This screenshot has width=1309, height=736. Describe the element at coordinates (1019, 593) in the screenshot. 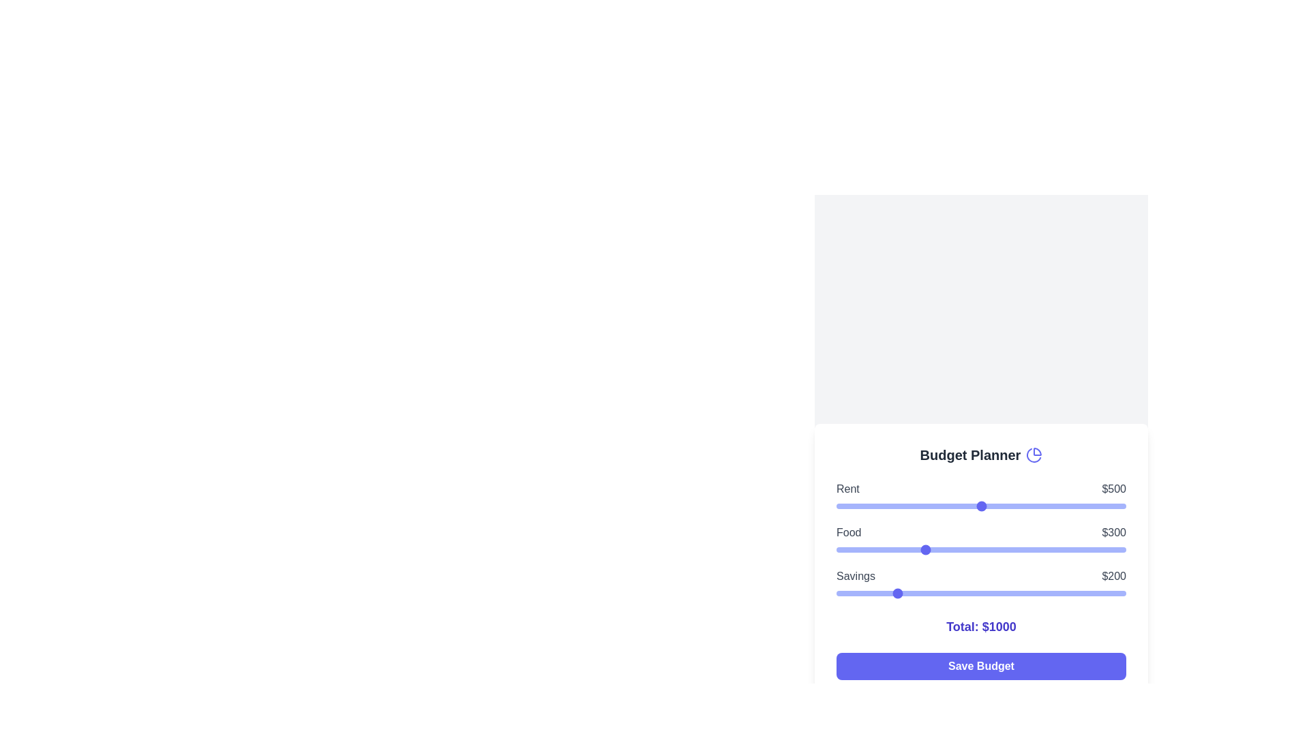

I see `the savings slider to 631` at that location.